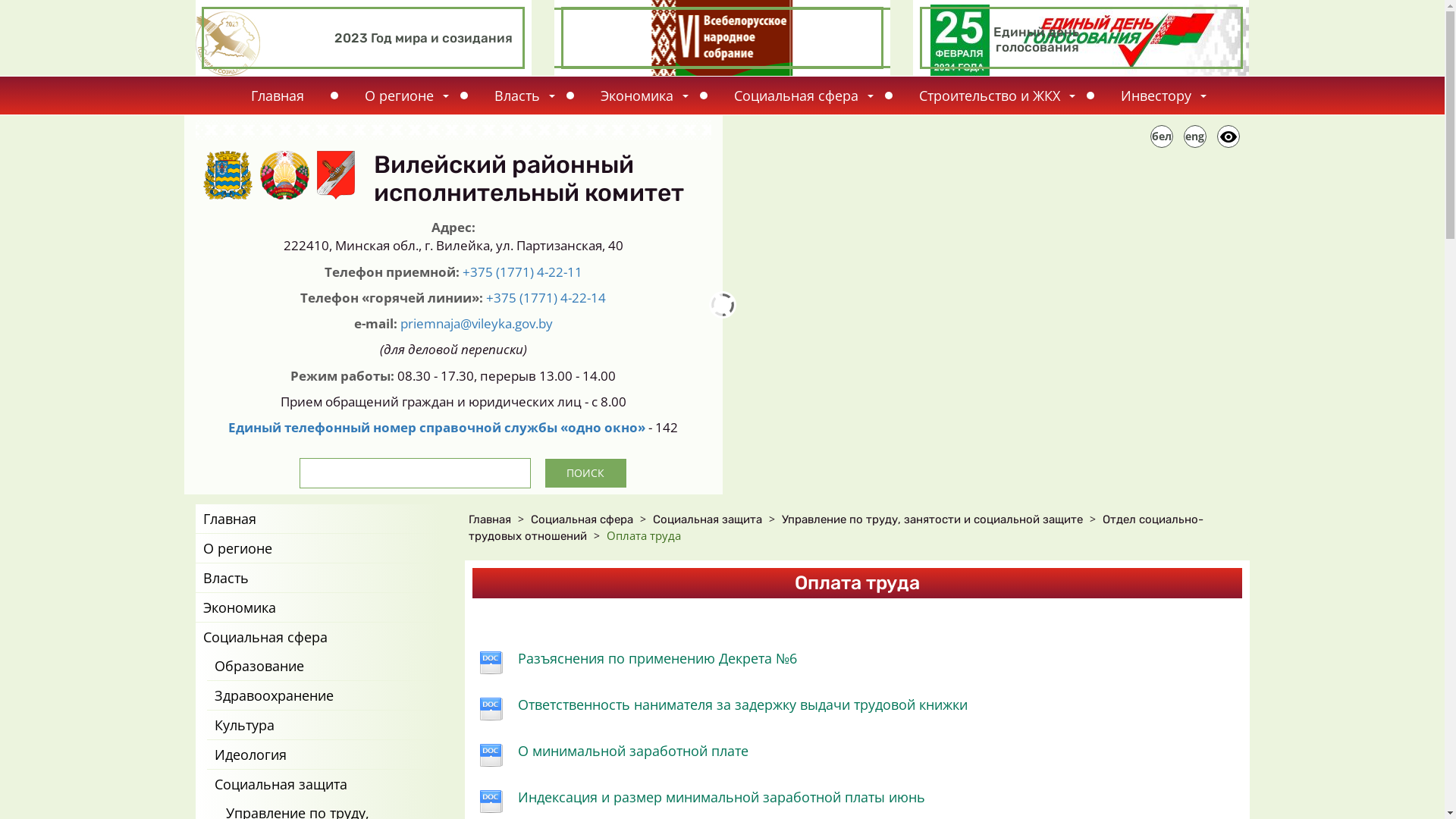 The width and height of the screenshot is (1456, 819). Describe the element at coordinates (475, 322) in the screenshot. I see `'priemnaja@vileyka.gov.by'` at that location.